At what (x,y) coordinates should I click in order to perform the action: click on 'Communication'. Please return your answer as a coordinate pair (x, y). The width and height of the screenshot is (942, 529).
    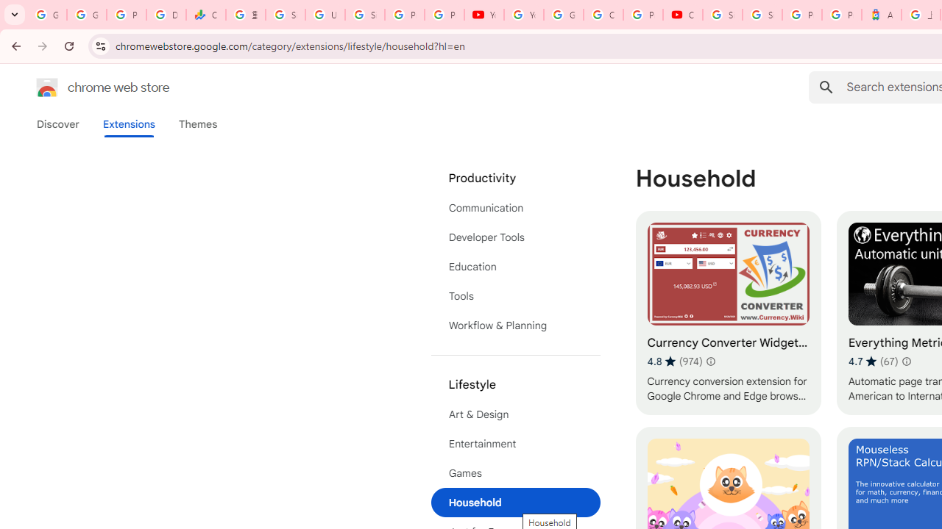
    Looking at the image, I should click on (515, 207).